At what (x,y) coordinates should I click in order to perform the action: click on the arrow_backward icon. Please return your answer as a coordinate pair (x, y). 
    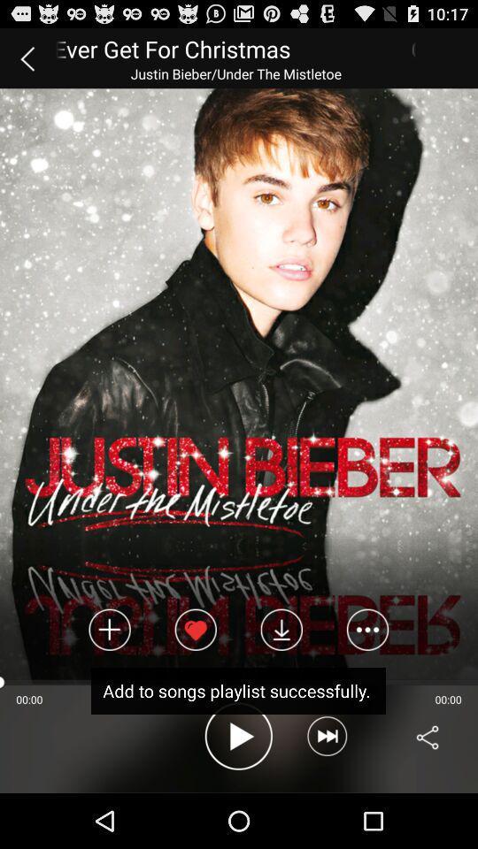
    Looking at the image, I should click on (27, 62).